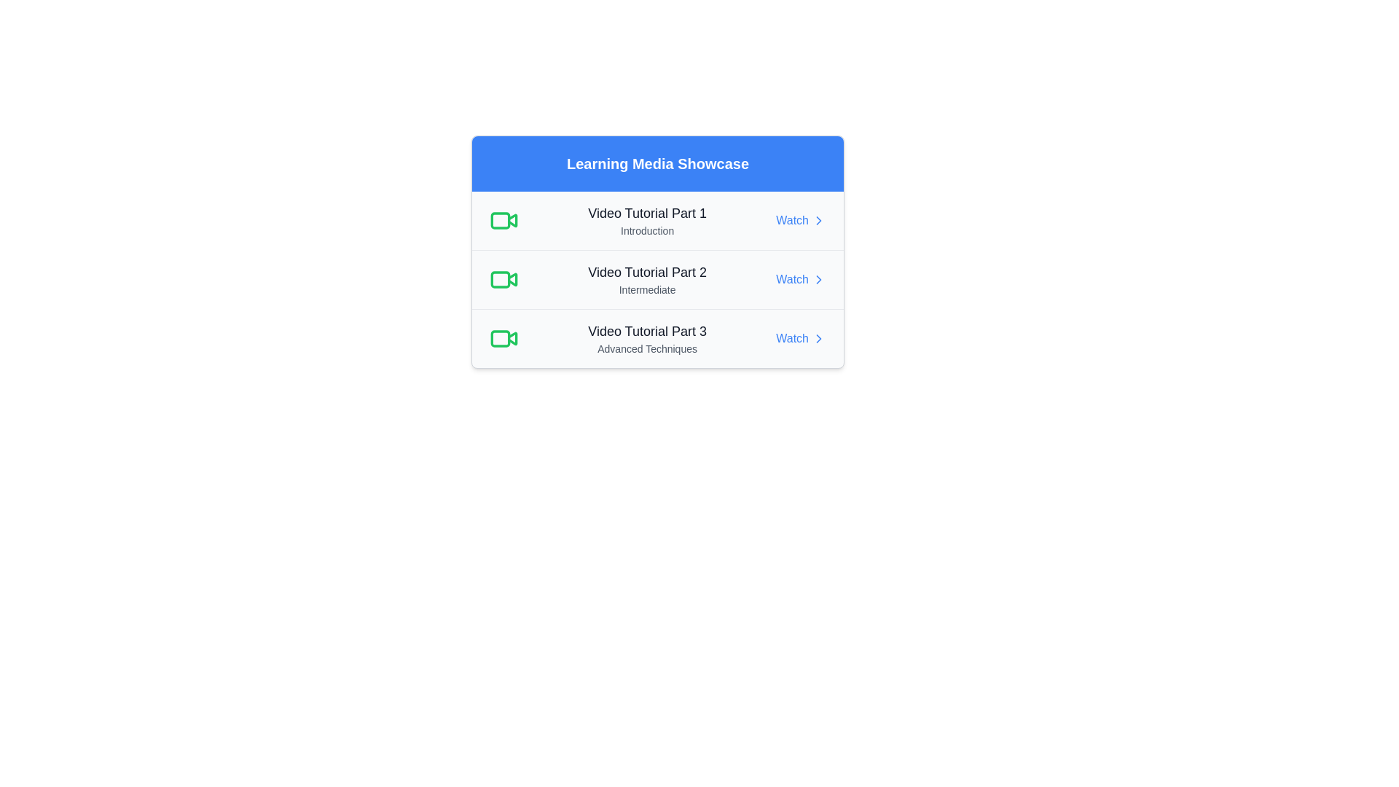 This screenshot has width=1399, height=787. What do you see at coordinates (503, 339) in the screenshot?
I see `the Icon representing video content for 'Video Tutorial Part 3', which is located in the third row of the list, to the left of the text 'Video Tutorial Part 3' and above the 'Watch' link` at bounding box center [503, 339].